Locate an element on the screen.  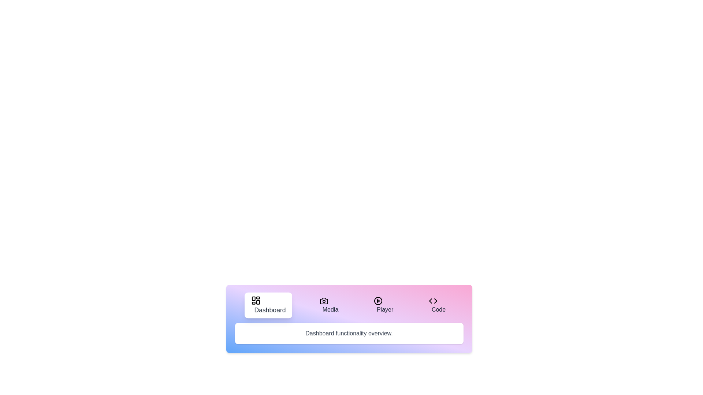
the tab labeled Player is located at coordinates (383, 305).